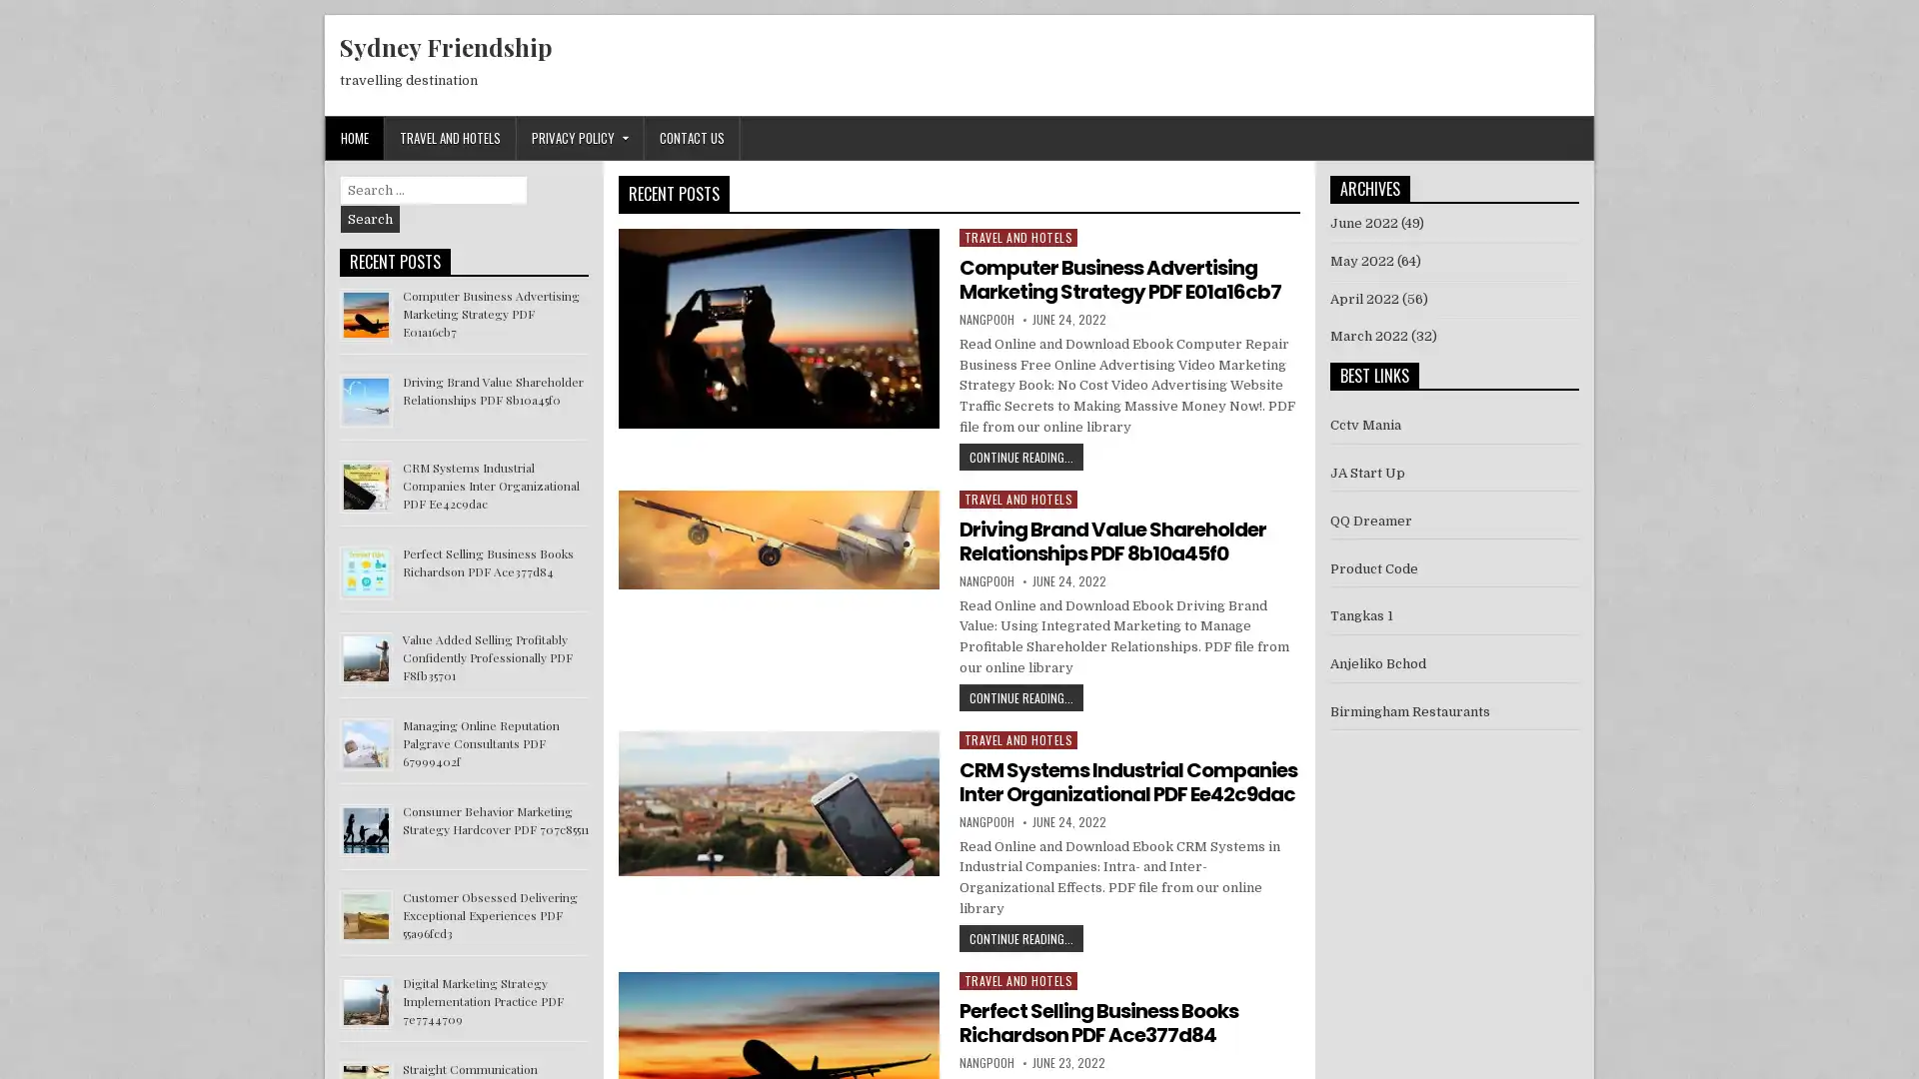 Image resolution: width=1919 pixels, height=1079 pixels. I want to click on Search, so click(370, 219).